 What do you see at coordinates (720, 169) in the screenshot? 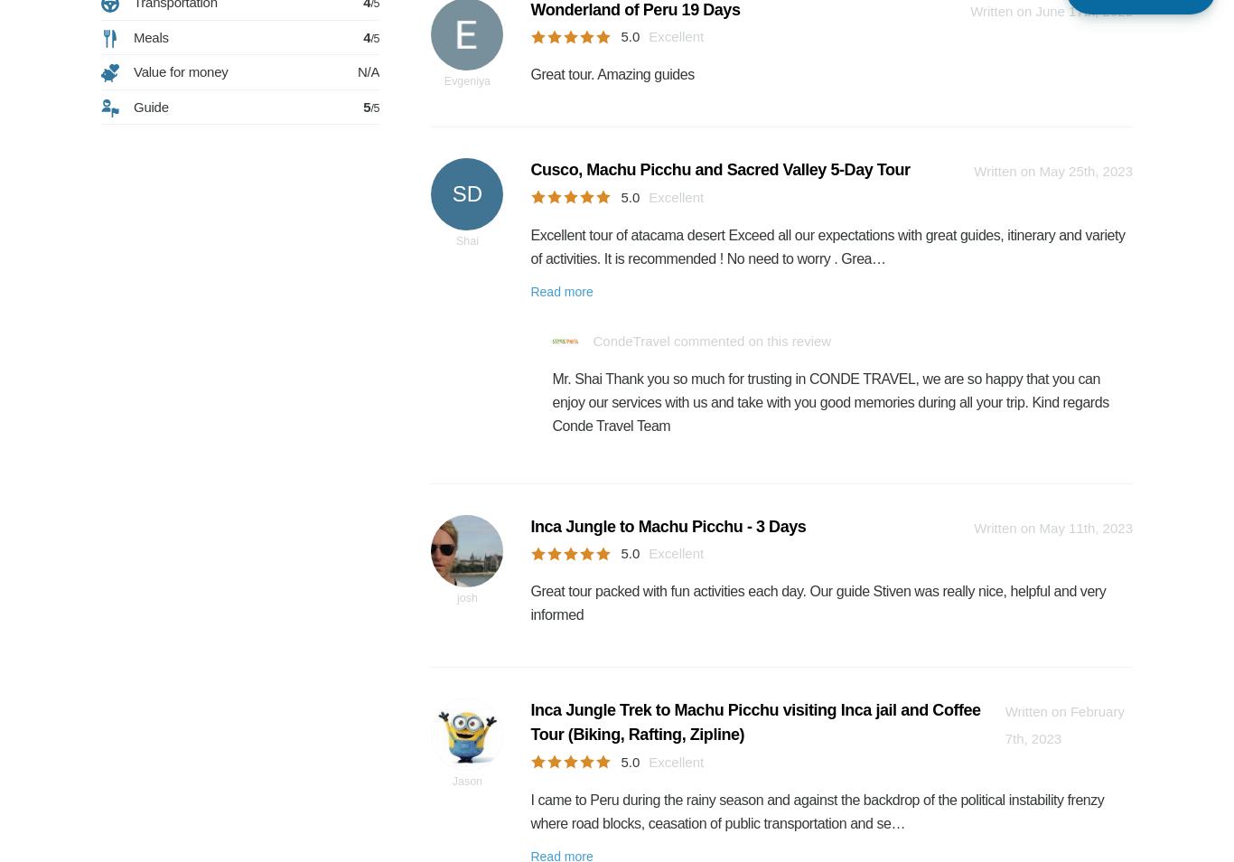
I see `'Cusco, Machu Picchu and Sacred Valley 5-Day Tour'` at bounding box center [720, 169].